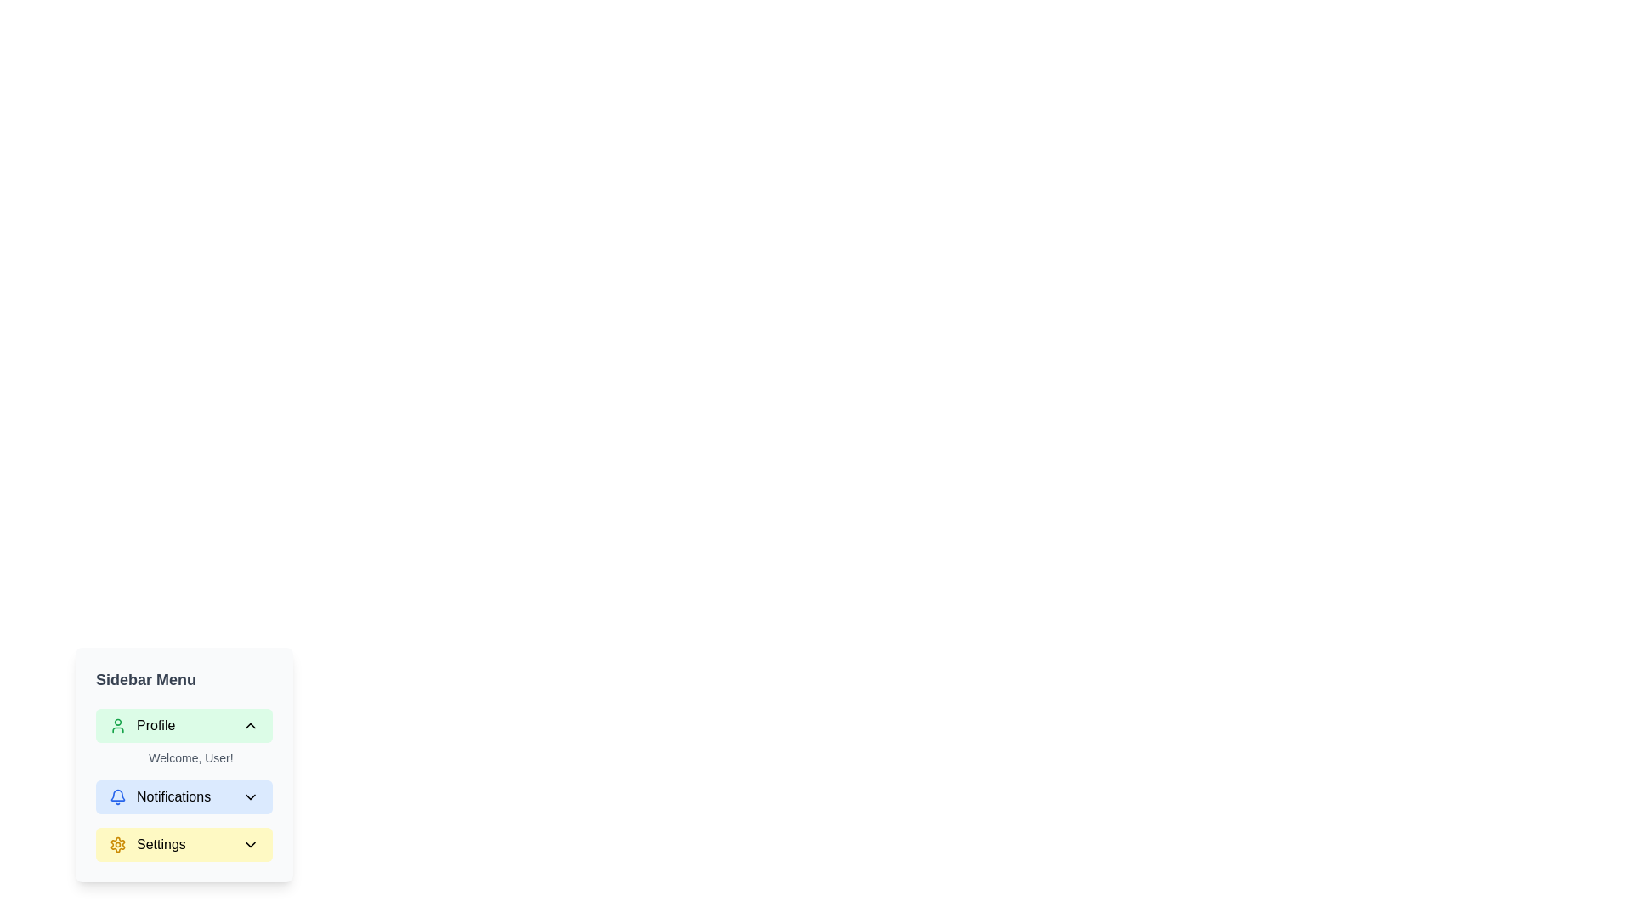  What do you see at coordinates (249, 725) in the screenshot?
I see `the small upward-pointing chevron icon located at the right end of the 'Profile' menu item in the sidebar menu` at bounding box center [249, 725].